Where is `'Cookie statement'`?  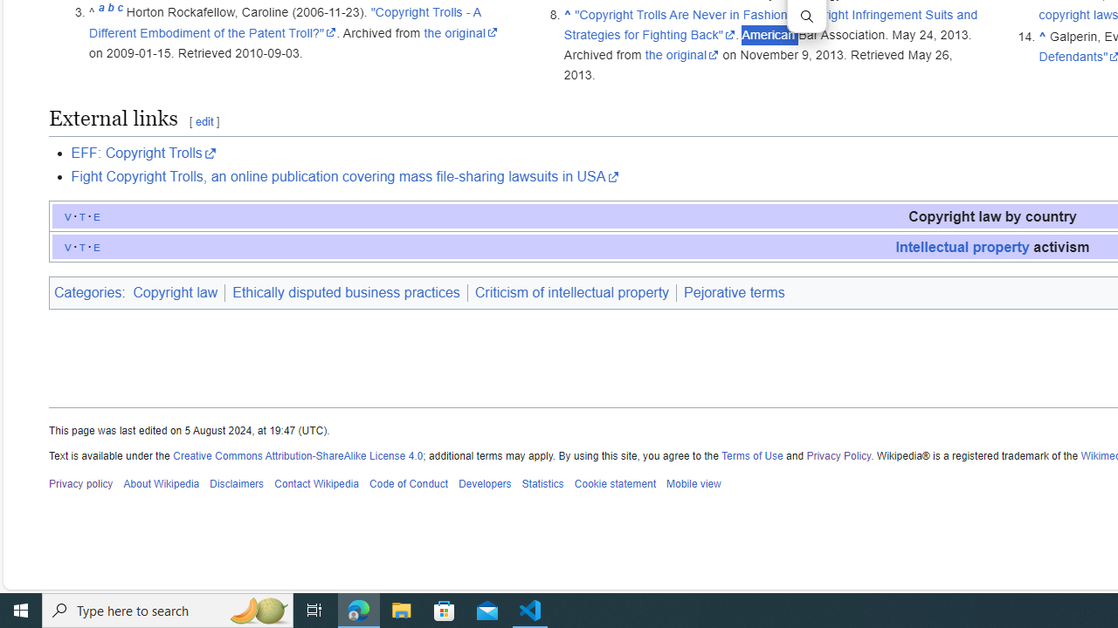
'Cookie statement' is located at coordinates (615, 484).